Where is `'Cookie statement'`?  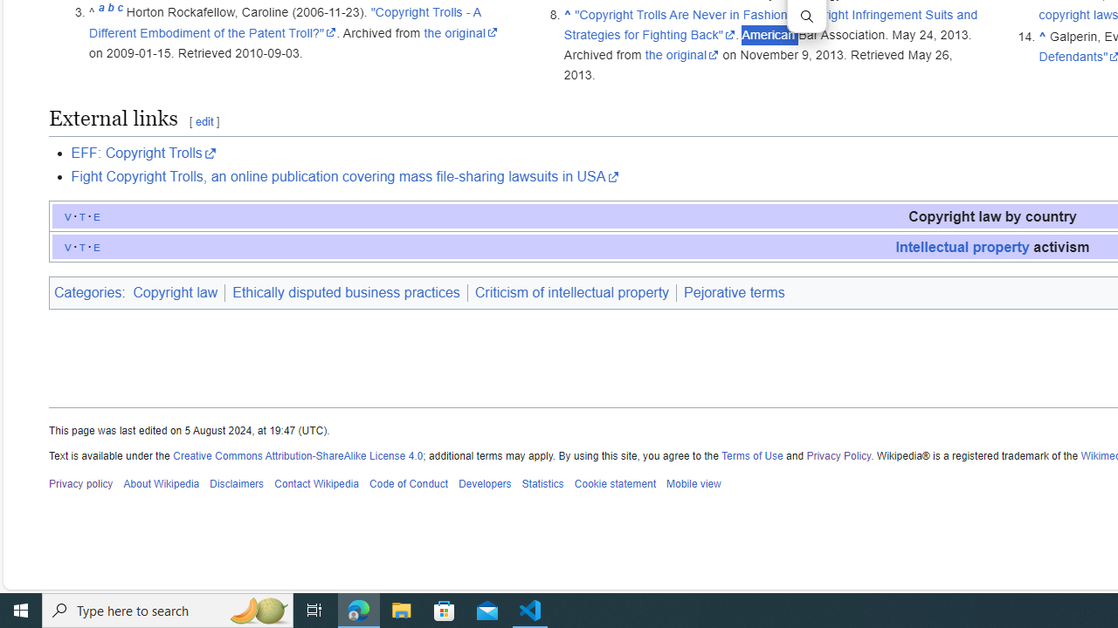
'Cookie statement' is located at coordinates (615, 484).